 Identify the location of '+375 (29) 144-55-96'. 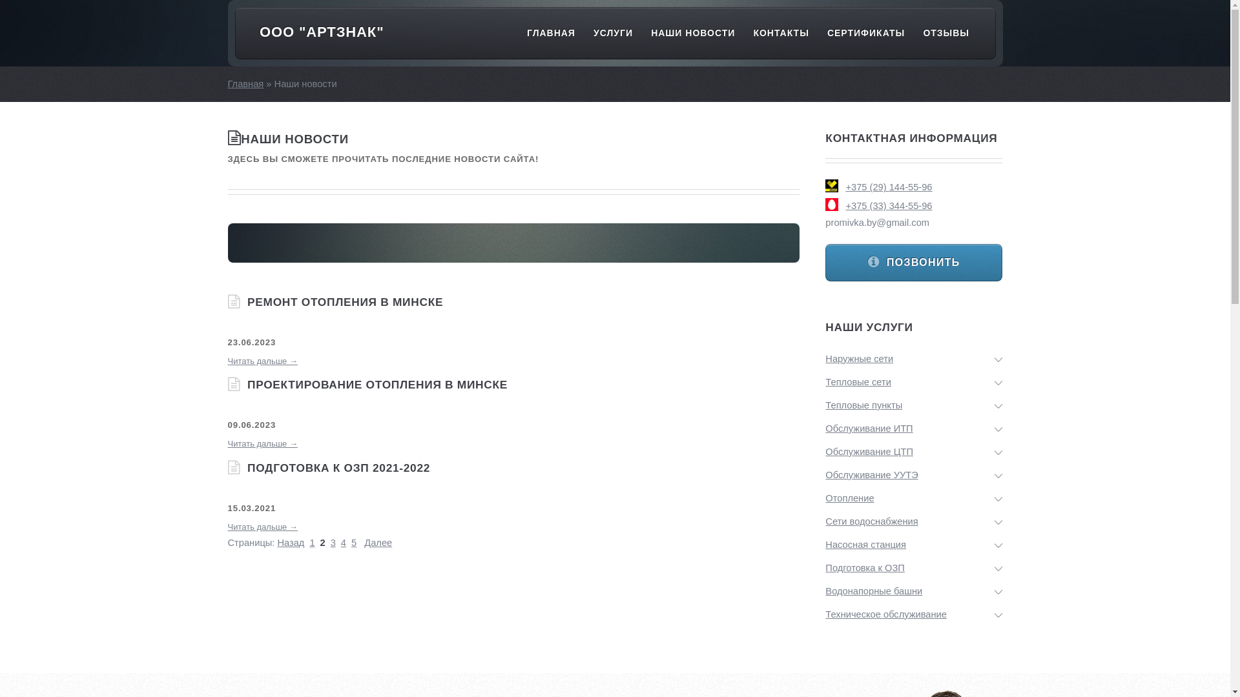
(913, 187).